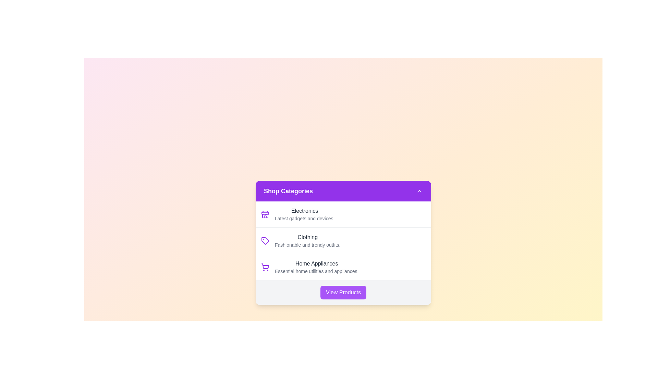 This screenshot has width=658, height=370. Describe the element at coordinates (343, 267) in the screenshot. I see `the category item labeled Home Appliances to highlight it` at that location.